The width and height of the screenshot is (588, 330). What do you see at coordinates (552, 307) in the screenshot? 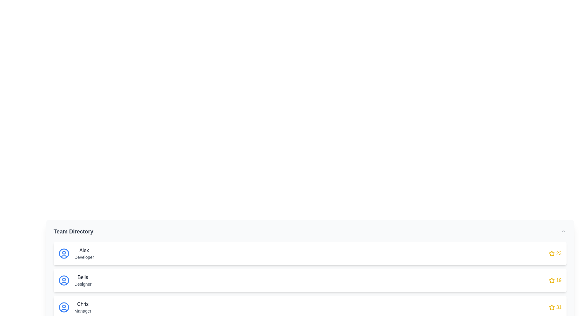
I see `the star rating icon located to the left of the number '31' at the far right of the last row in the interface` at bounding box center [552, 307].